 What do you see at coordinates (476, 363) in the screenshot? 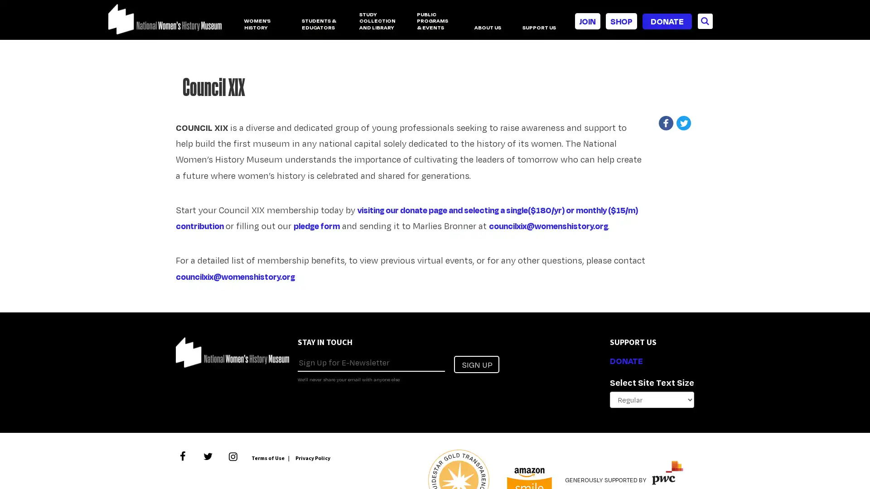
I see `SIGN UP` at bounding box center [476, 363].